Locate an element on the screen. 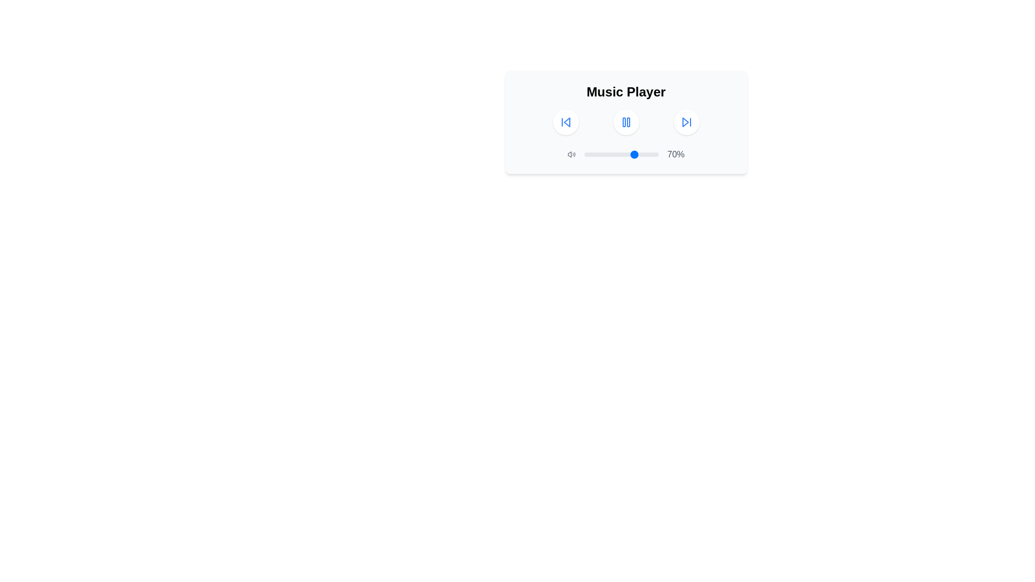 The image size is (1035, 582). the skip-backward button located in the top-middle area of the music player interface for accessibility purposes is located at coordinates (565, 122).